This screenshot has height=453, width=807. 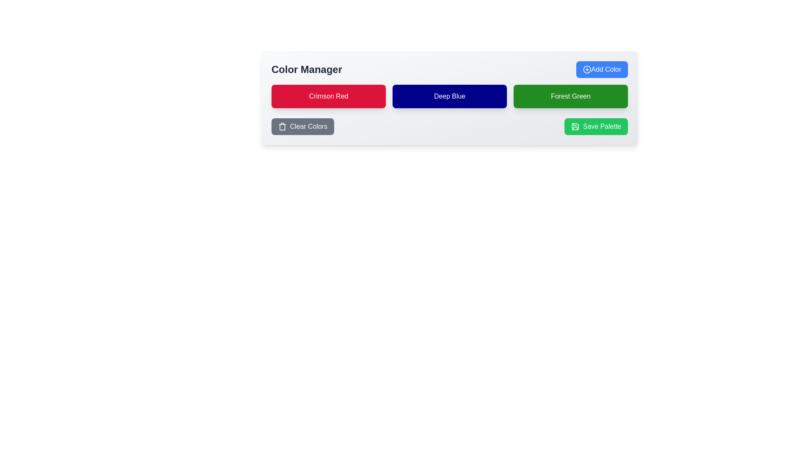 What do you see at coordinates (586, 69) in the screenshot?
I see `the circular SVG icon with a plus sign inside, located within the blue 'Add Color' button at the top-right corner of the interface` at bounding box center [586, 69].